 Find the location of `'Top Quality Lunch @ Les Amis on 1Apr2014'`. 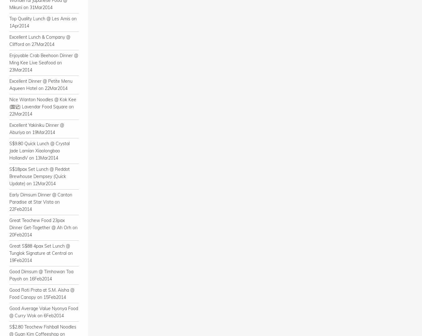

'Top Quality Lunch @ Les Amis on 1Apr2014' is located at coordinates (43, 22).